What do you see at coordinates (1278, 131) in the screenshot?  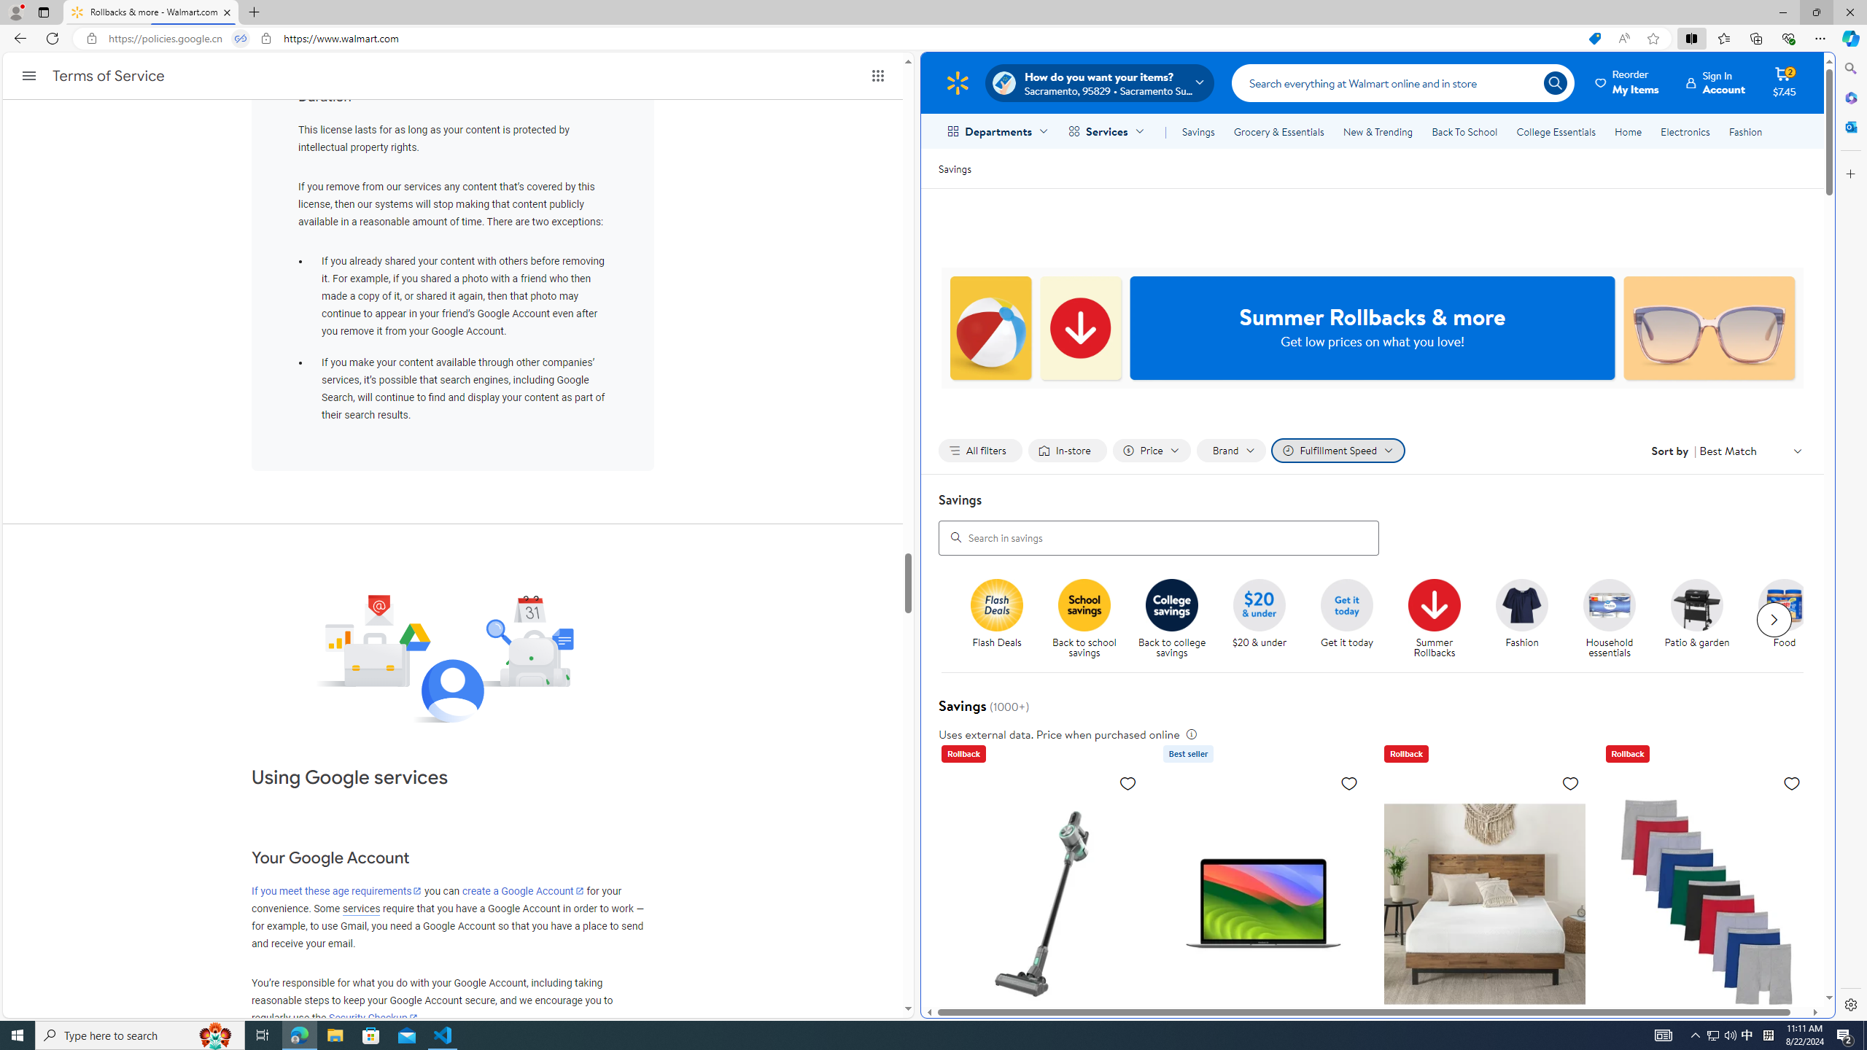 I see `'Grocery & Essentials'` at bounding box center [1278, 131].